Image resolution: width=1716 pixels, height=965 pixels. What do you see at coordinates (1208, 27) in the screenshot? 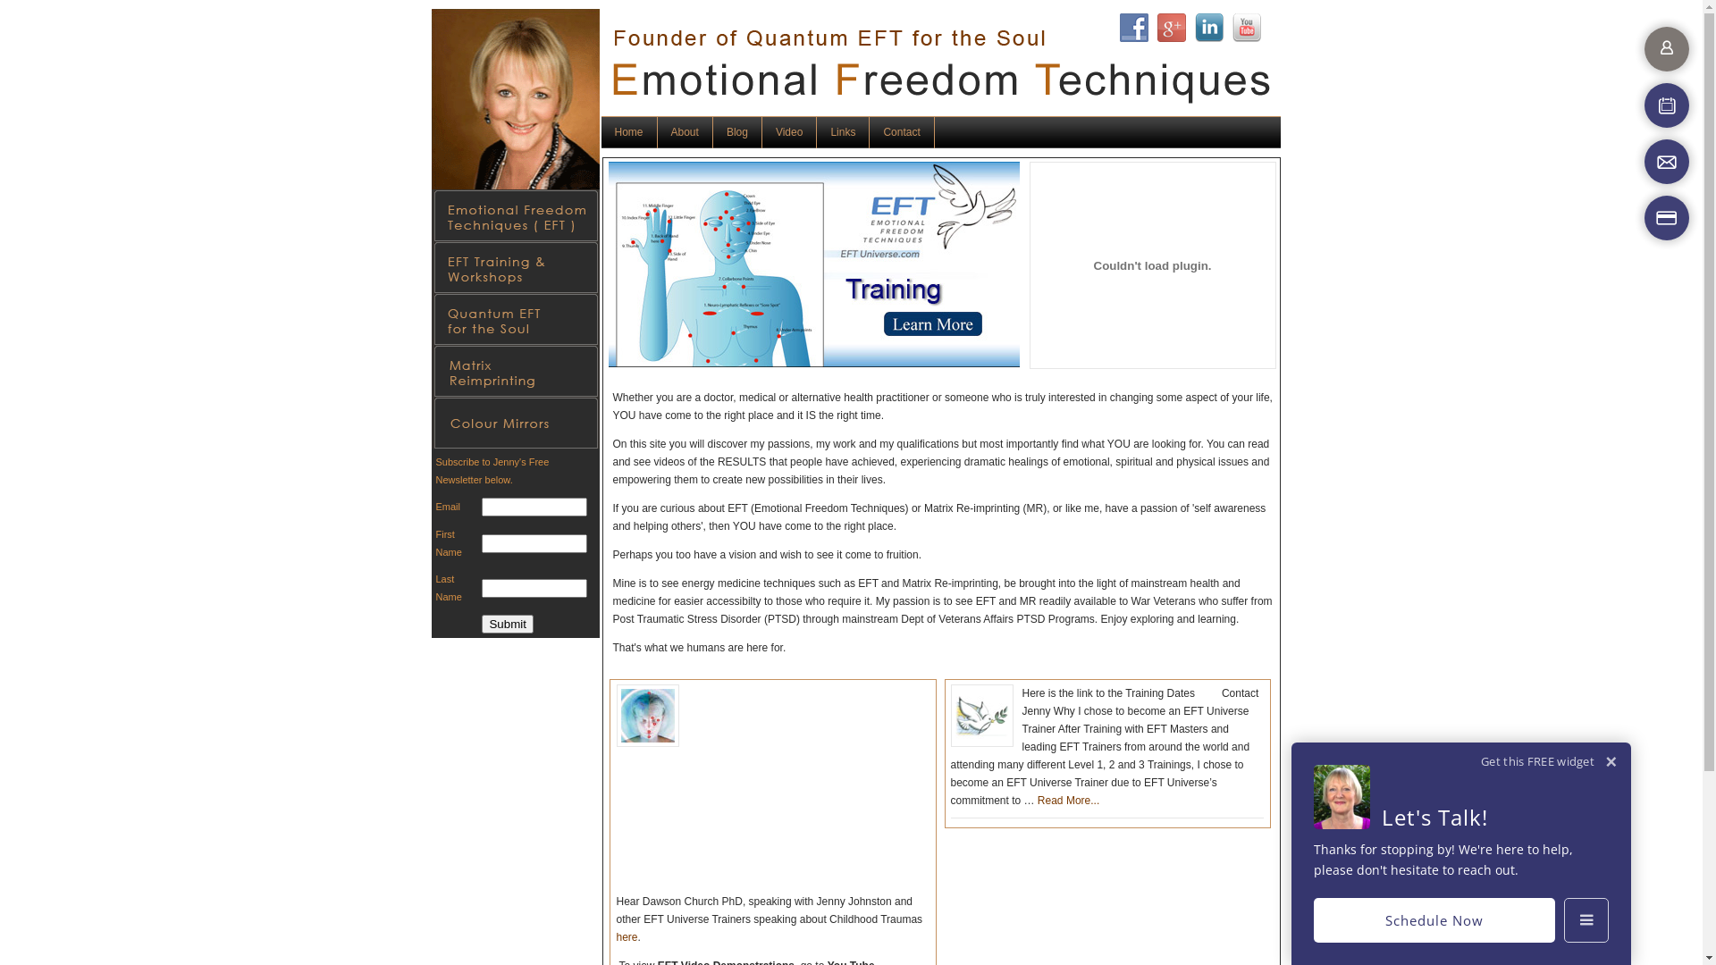
I see `' LinkedIn'` at bounding box center [1208, 27].